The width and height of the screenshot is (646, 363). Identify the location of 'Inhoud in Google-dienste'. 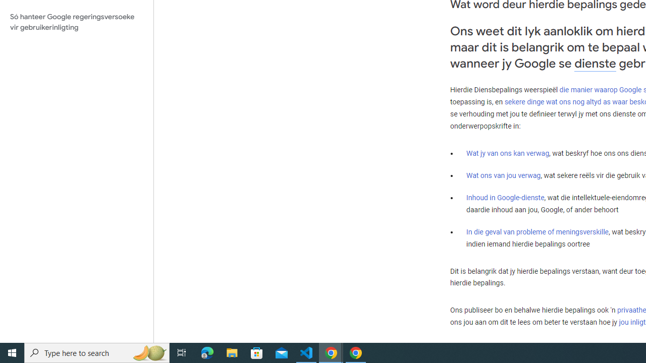
(505, 198).